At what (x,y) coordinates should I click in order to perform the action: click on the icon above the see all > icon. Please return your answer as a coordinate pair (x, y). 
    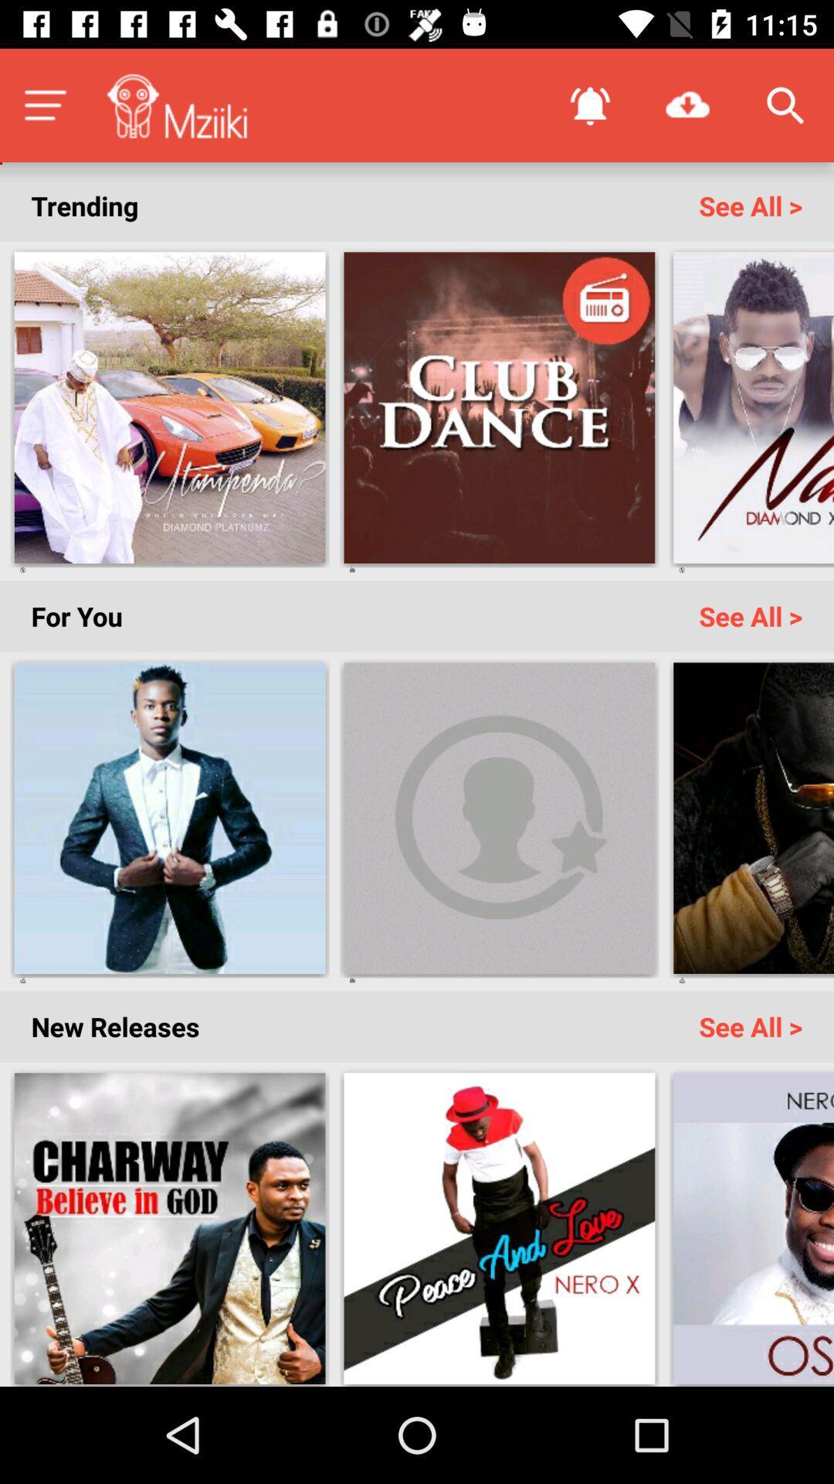
    Looking at the image, I should click on (687, 104).